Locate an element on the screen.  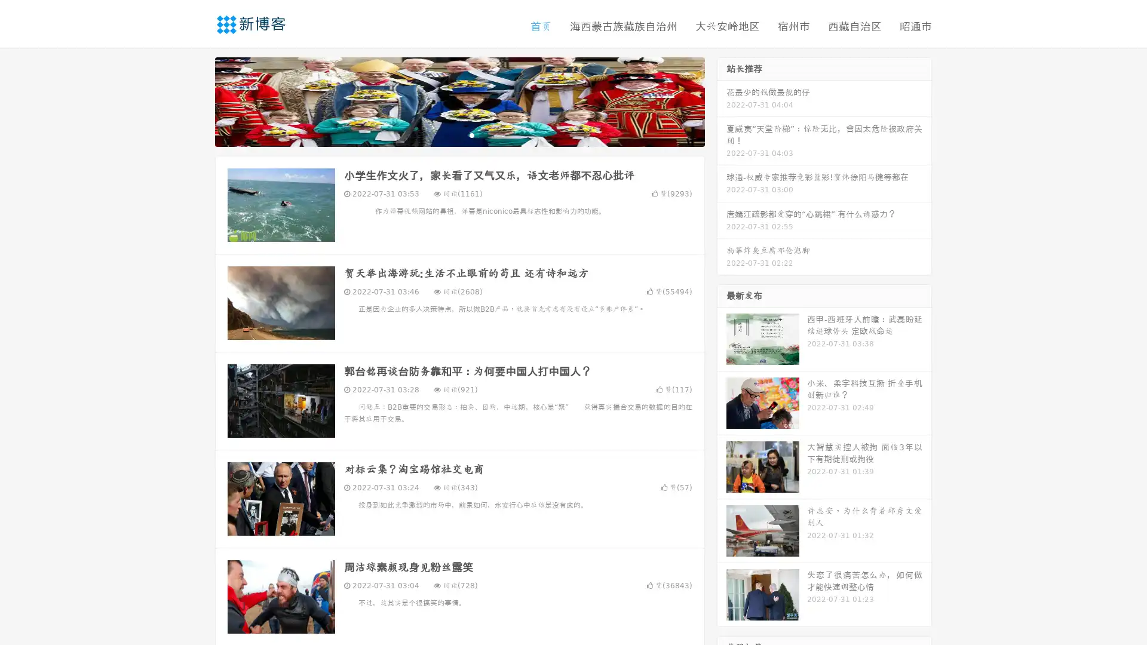
Go to slide 3 is located at coordinates (471, 134).